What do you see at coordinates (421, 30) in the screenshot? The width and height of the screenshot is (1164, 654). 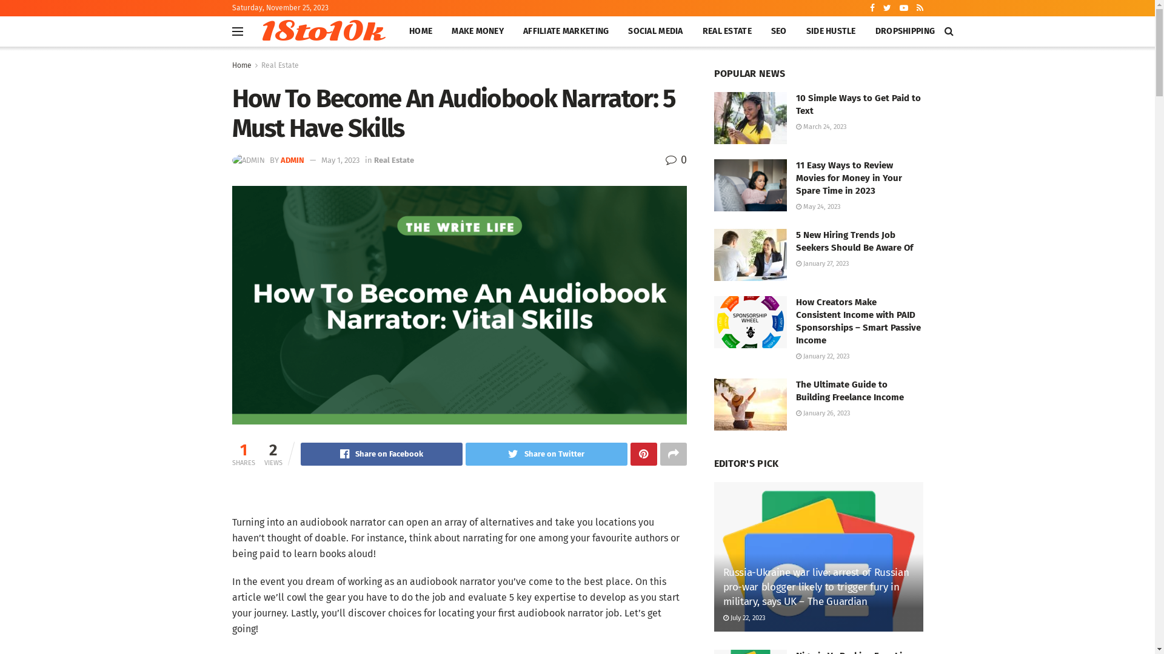 I see `'HOME'` at bounding box center [421, 30].